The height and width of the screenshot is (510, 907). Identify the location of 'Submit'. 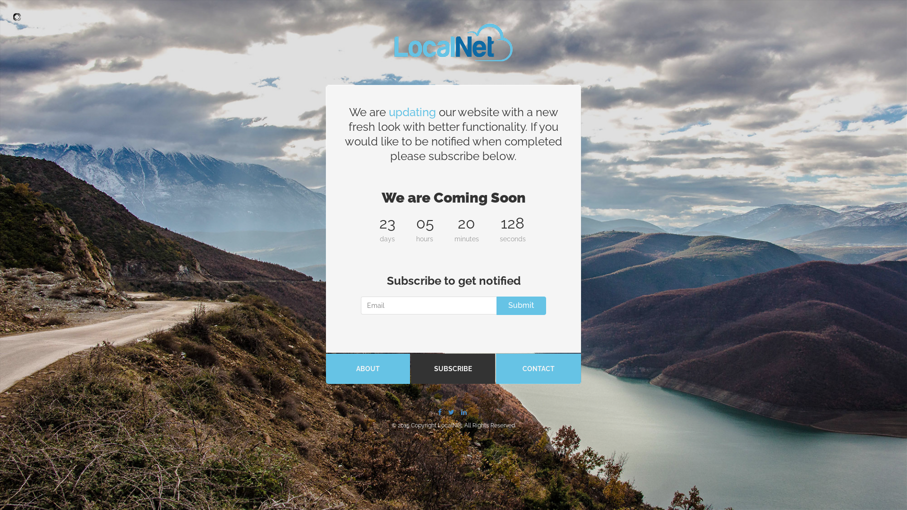
(521, 306).